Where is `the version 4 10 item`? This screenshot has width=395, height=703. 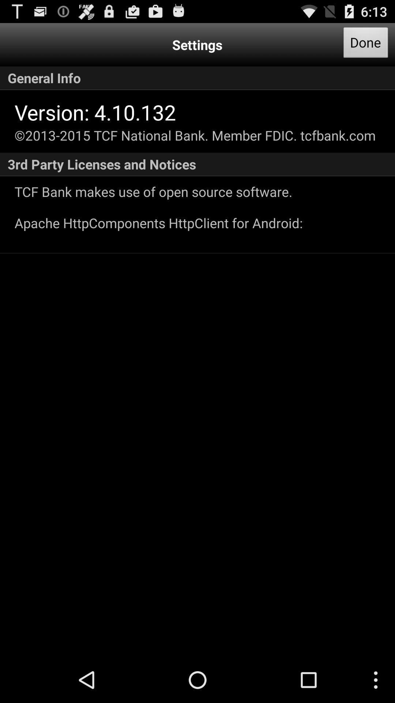 the version 4 10 item is located at coordinates (95, 112).